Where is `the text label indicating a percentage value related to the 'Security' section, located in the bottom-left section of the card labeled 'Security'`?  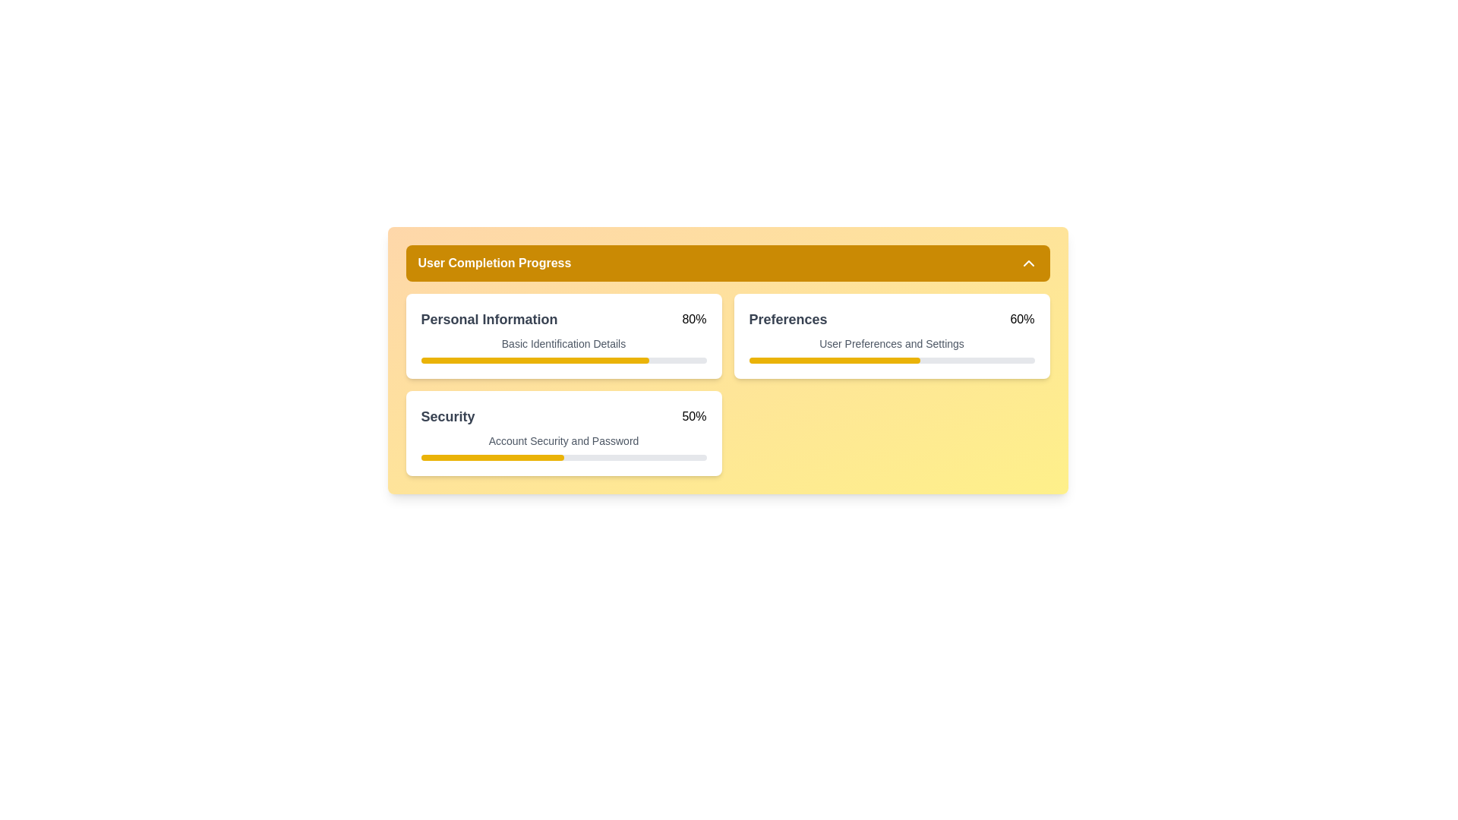 the text label indicating a percentage value related to the 'Security' section, located in the bottom-left section of the card labeled 'Security' is located at coordinates (693, 416).